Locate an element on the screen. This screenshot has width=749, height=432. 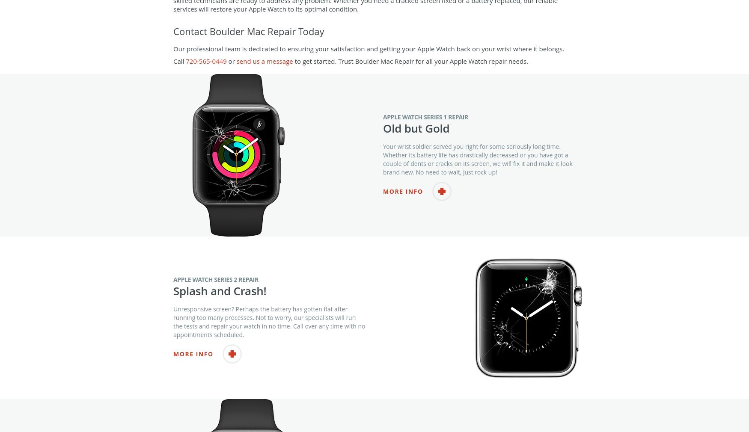
'Apple Watch Series 2 Repair' is located at coordinates (215, 296).